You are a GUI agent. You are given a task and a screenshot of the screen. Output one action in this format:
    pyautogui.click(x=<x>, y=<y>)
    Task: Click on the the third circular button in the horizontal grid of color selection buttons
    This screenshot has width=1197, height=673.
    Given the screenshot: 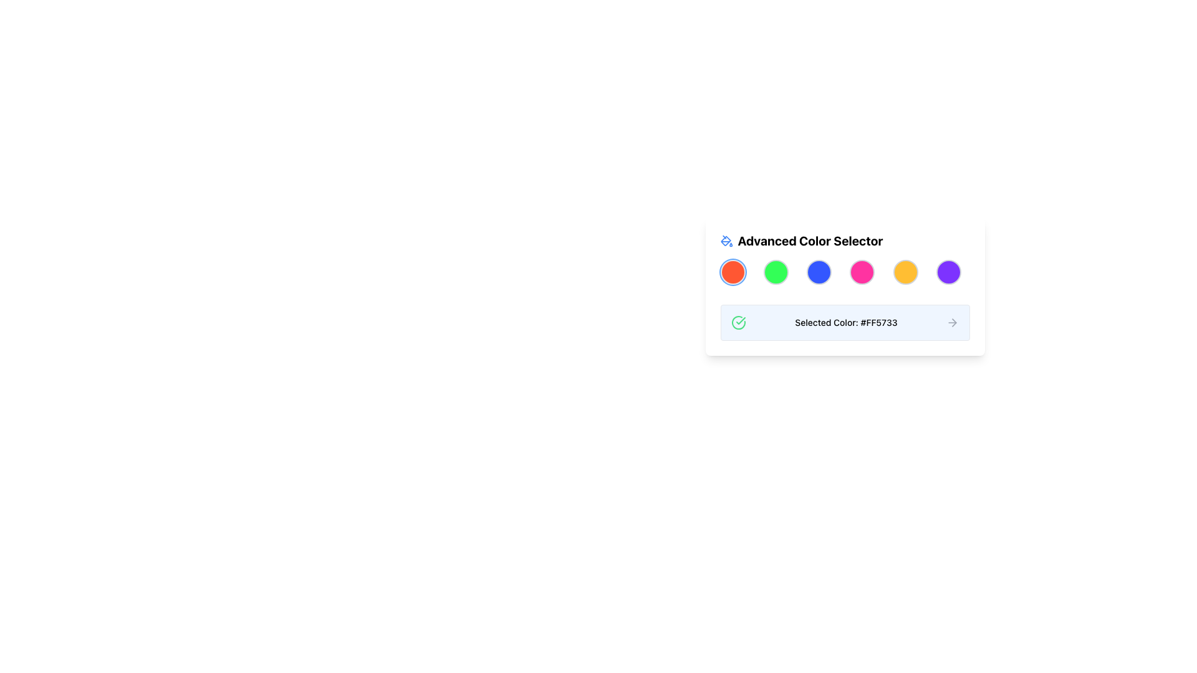 What is the action you would take?
    pyautogui.click(x=819, y=271)
    